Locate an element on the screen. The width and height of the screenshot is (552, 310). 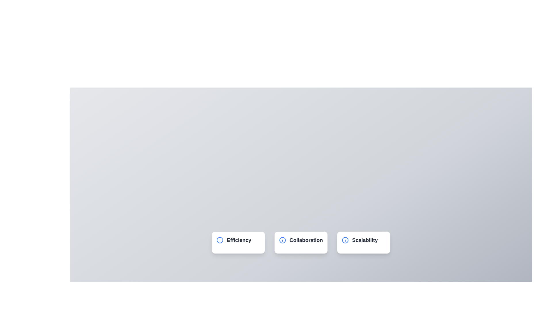
the informational card about 'Scalability', which is positioned in the third spot of a three-element grid layout is located at coordinates (363, 242).